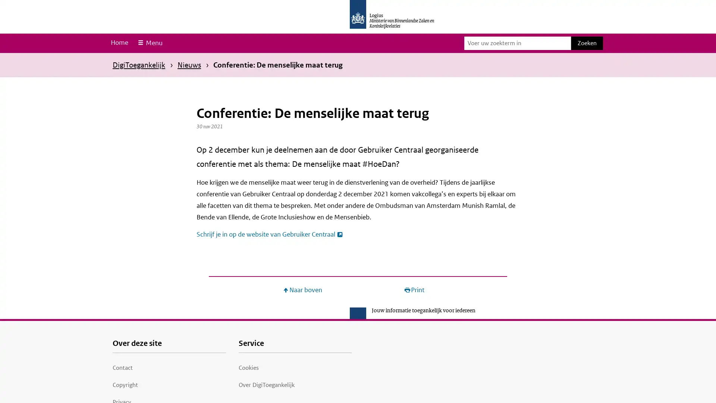 Image resolution: width=716 pixels, height=403 pixels. I want to click on Zoeken, so click(587, 43).